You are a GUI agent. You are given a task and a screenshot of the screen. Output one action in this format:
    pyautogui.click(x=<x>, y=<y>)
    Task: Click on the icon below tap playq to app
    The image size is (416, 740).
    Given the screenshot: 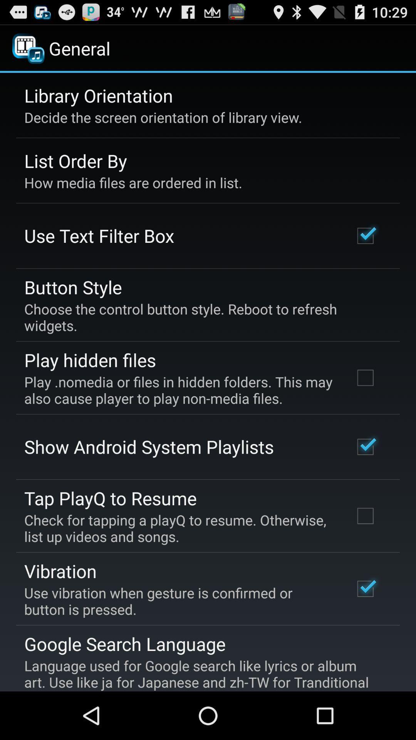 What is the action you would take?
    pyautogui.click(x=178, y=528)
    